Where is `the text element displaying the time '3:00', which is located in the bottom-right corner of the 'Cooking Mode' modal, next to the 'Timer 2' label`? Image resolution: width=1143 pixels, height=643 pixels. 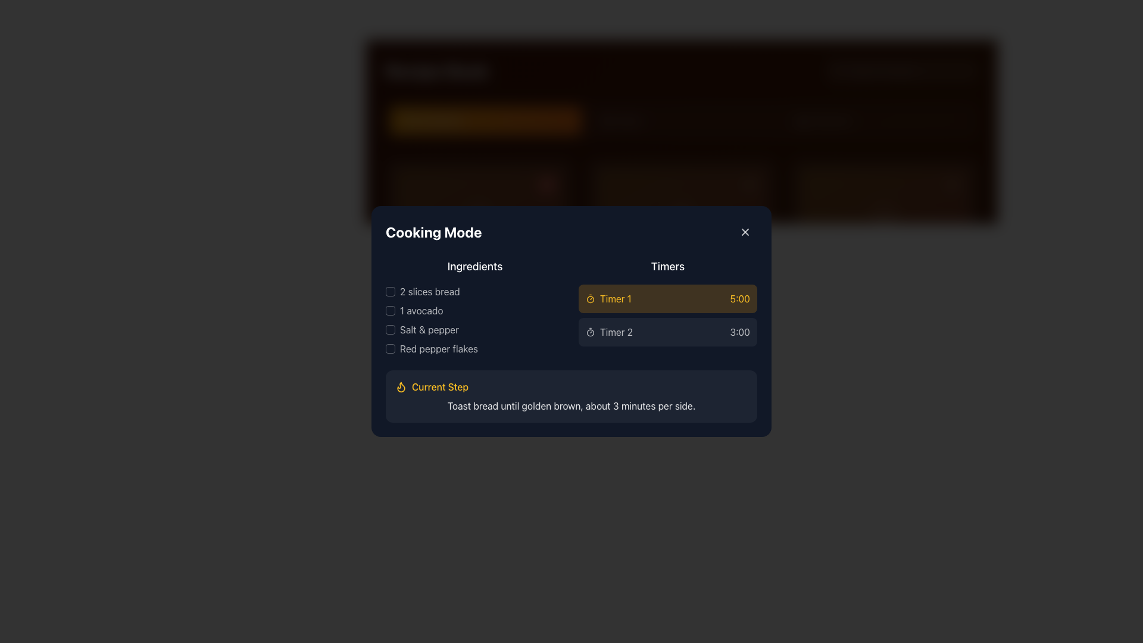
the text element displaying the time '3:00', which is located in the bottom-right corner of the 'Cooking Mode' modal, next to the 'Timer 2' label is located at coordinates (739, 332).